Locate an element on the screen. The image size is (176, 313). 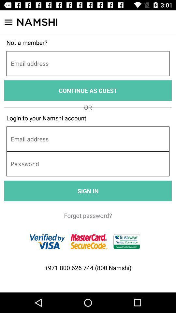
the icon below the sign in icon is located at coordinates (88, 216).